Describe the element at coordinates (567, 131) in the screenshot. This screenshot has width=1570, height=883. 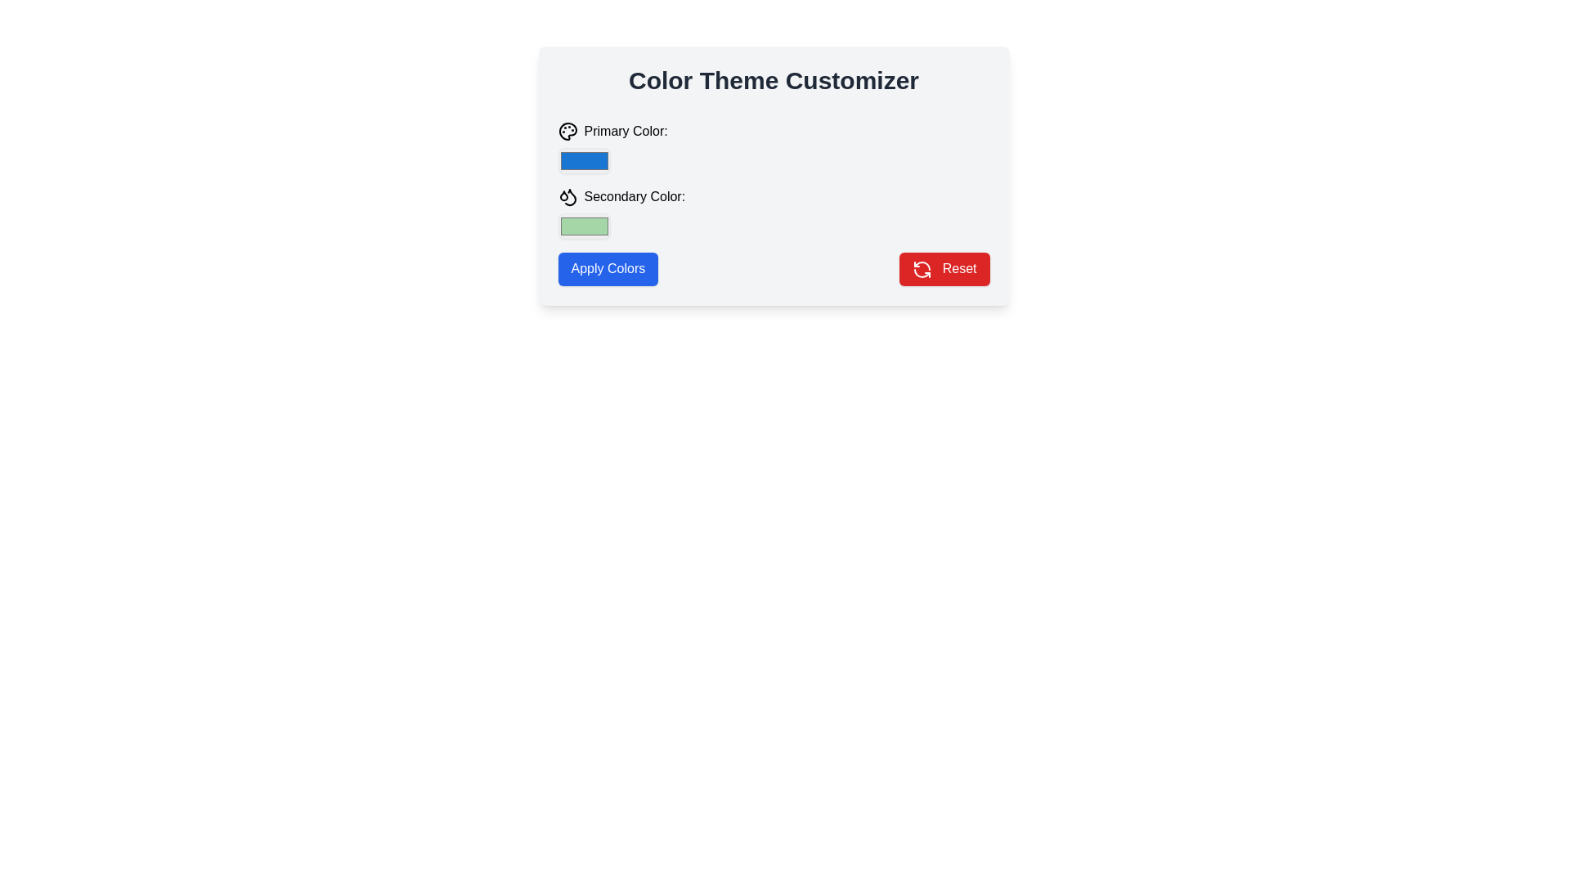
I see `the painter's palette icon located to the left of the text 'Primary Color:' in the UI` at that location.